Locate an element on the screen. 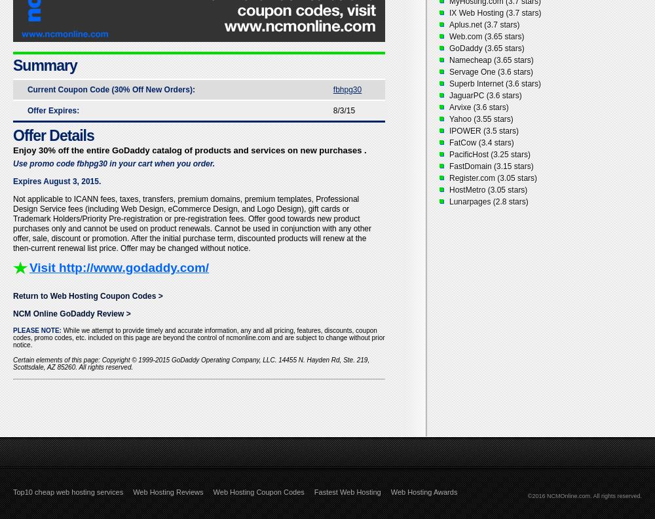  'Offer Expires:' is located at coordinates (52, 111).